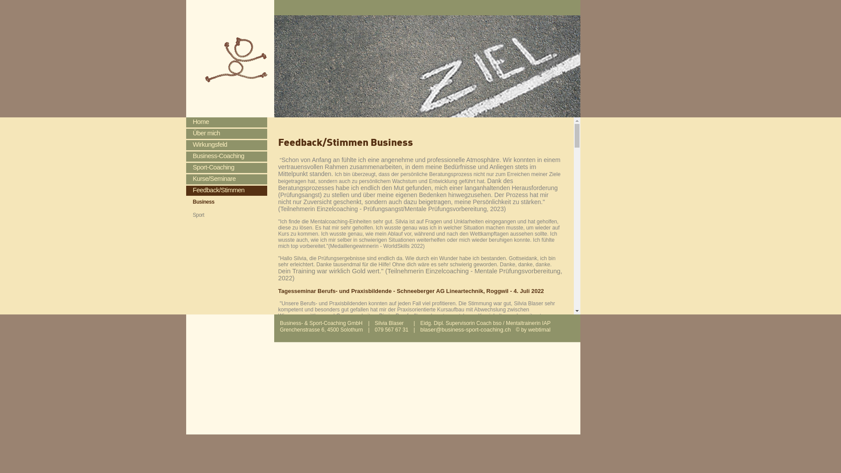  Describe the element at coordinates (186, 168) in the screenshot. I see `'Sport-Coaching'` at that location.